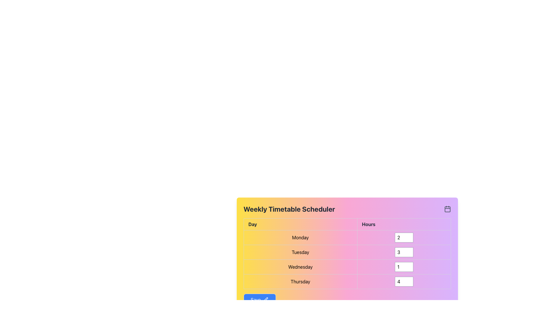 This screenshot has width=553, height=311. Describe the element at coordinates (289, 209) in the screenshot. I see `the bold header text labeled 'Weekly Timetable Scheduler'` at that location.